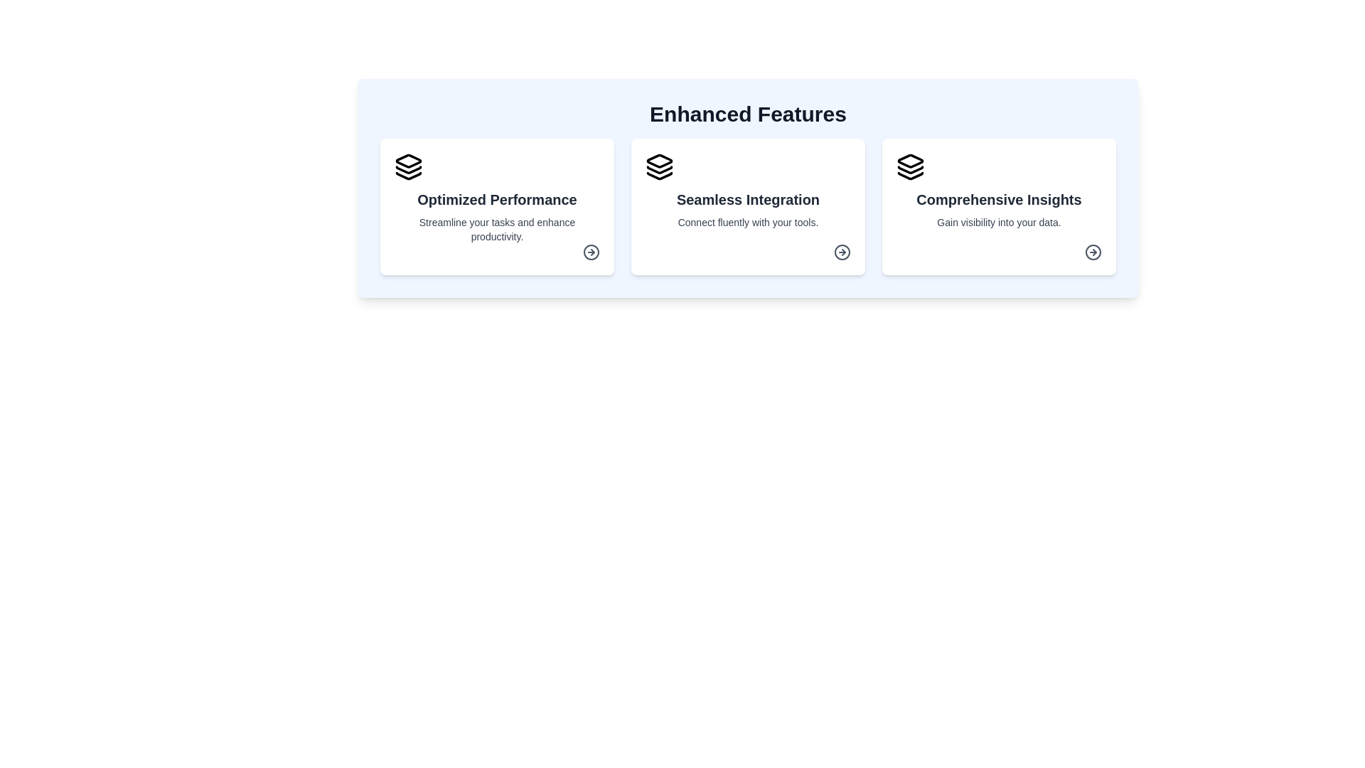 This screenshot has height=768, width=1365. I want to click on the SVG circle subcomponent within the icon located in the bottom-right corner of the 'Seamless Integration' card, so click(842, 251).